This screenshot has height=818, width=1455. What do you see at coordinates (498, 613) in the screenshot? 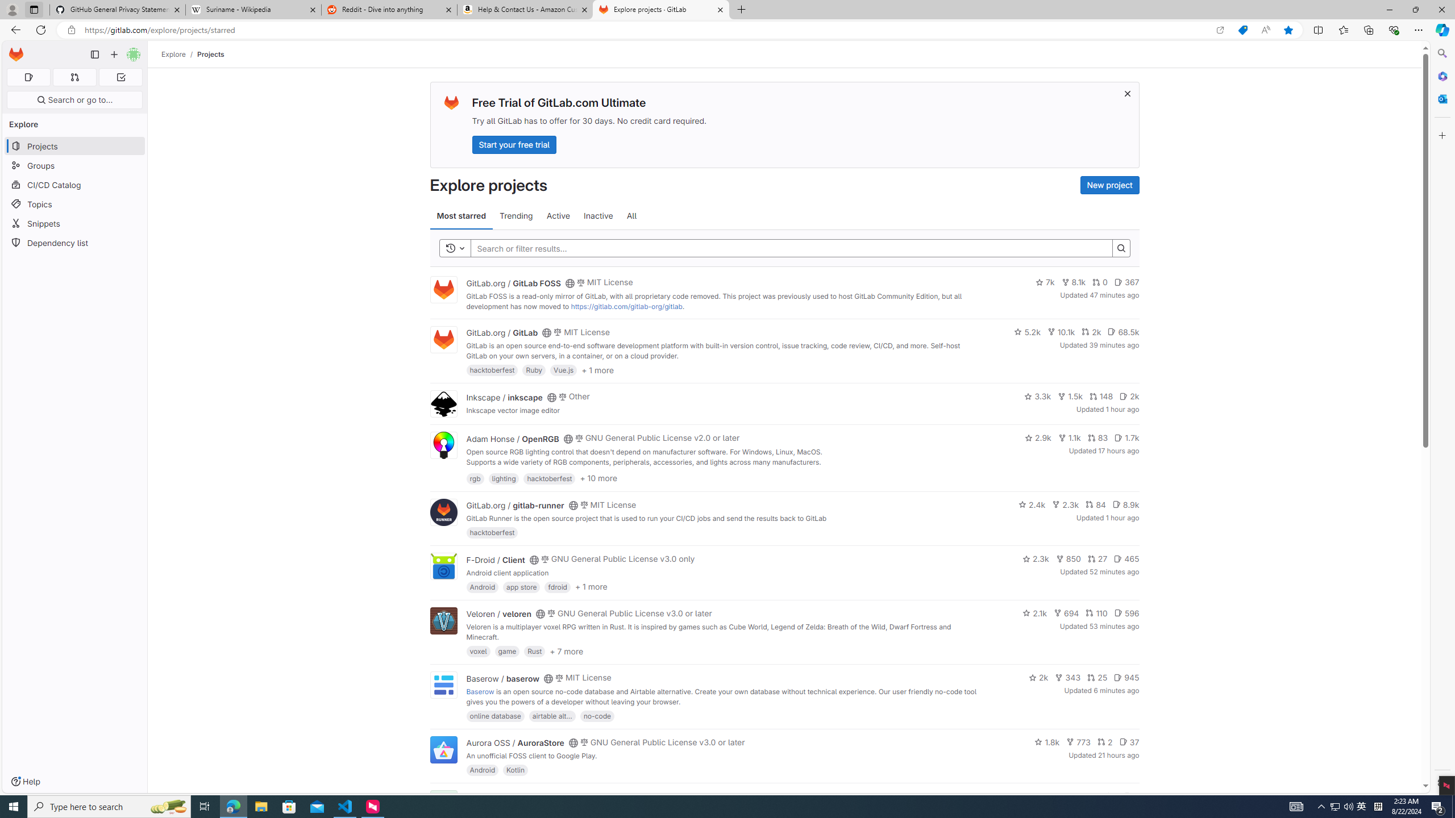
I see `'Veloren / veloren'` at bounding box center [498, 613].